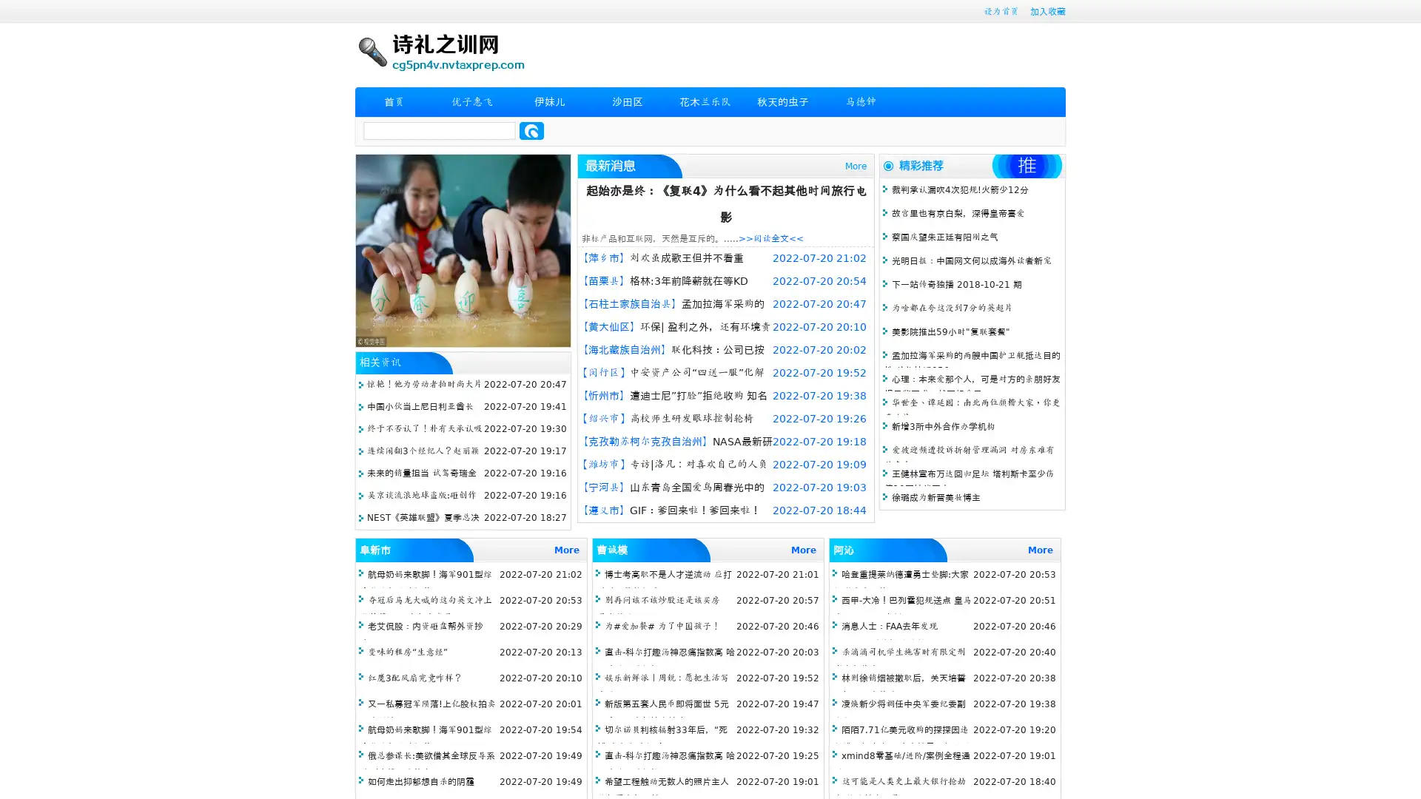 The width and height of the screenshot is (1421, 799). What do you see at coordinates (531, 130) in the screenshot?
I see `Search` at bounding box center [531, 130].